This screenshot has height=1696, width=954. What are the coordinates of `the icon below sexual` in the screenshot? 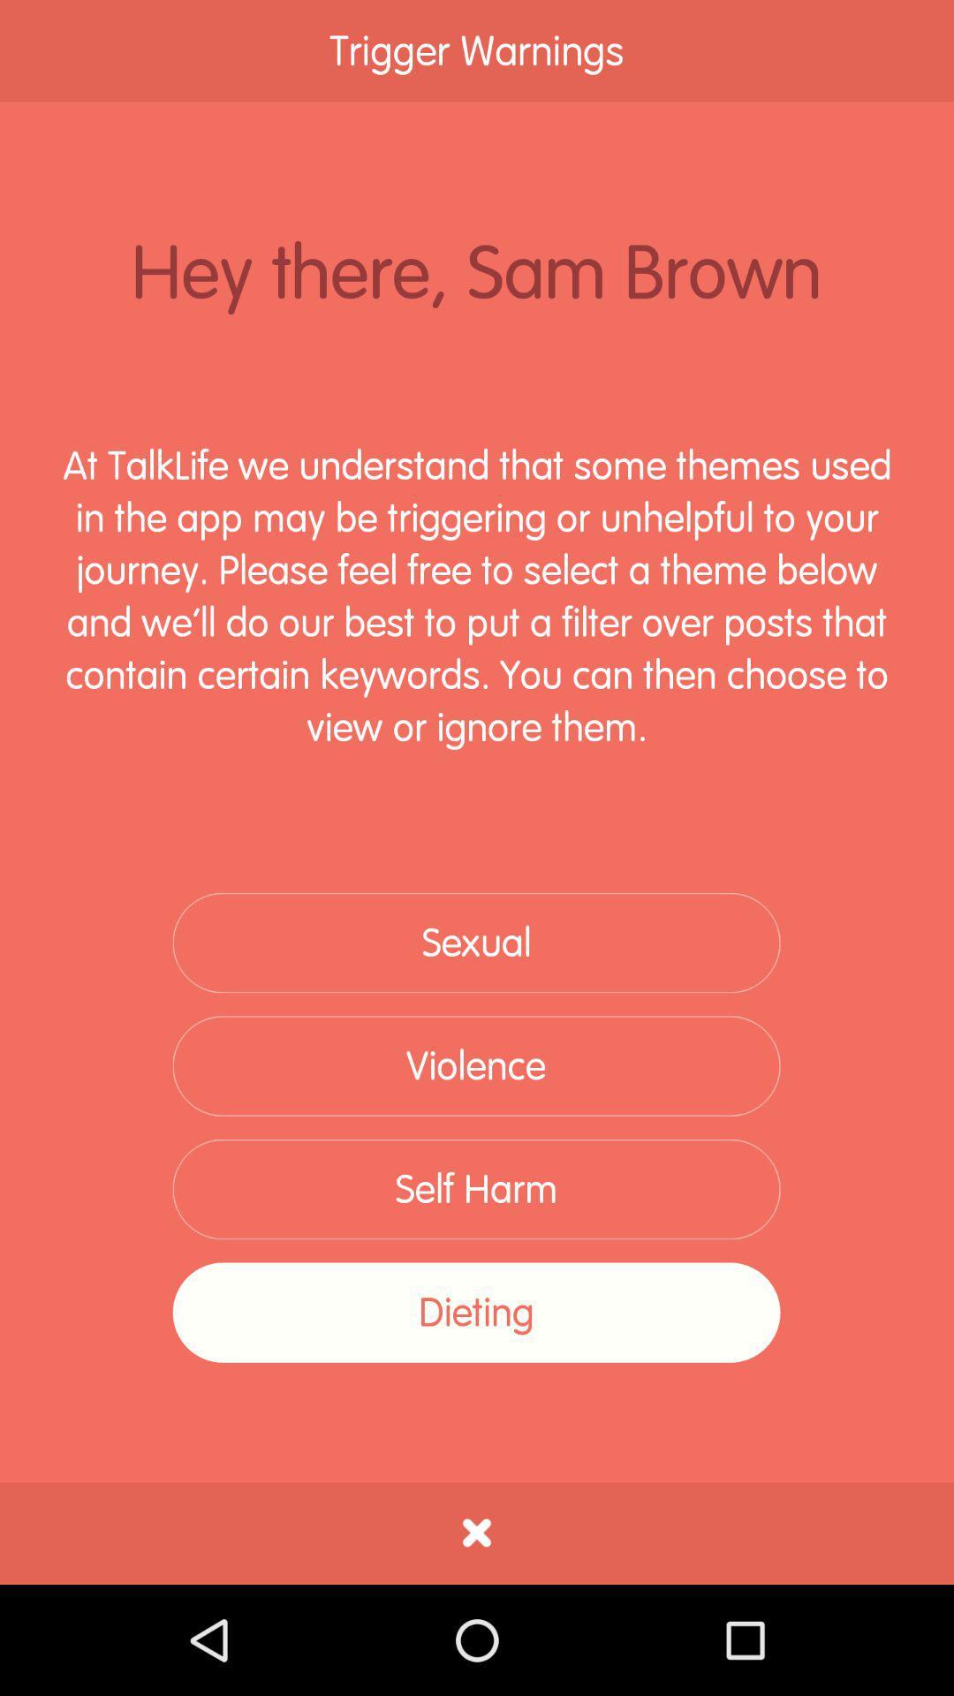 It's located at (475, 1065).